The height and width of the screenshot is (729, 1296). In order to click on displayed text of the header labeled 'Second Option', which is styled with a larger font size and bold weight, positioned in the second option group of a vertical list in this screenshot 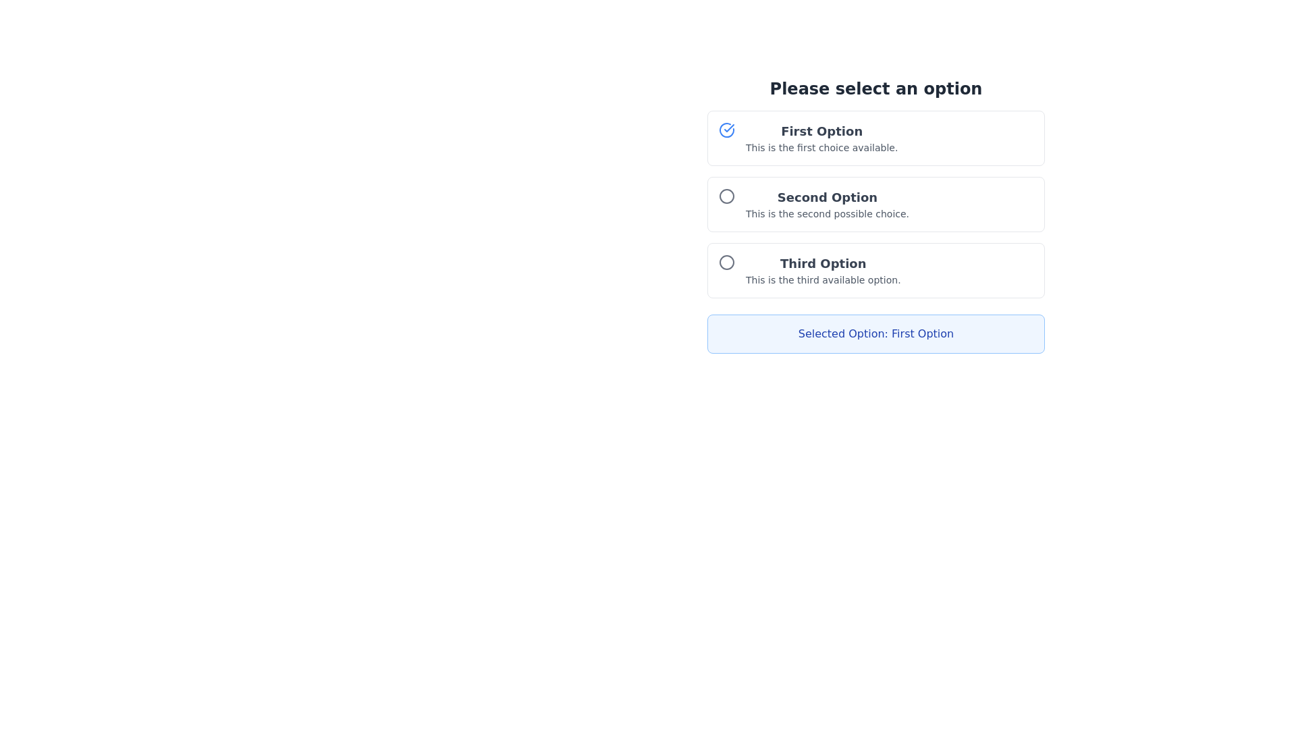, I will do `click(827, 198)`.